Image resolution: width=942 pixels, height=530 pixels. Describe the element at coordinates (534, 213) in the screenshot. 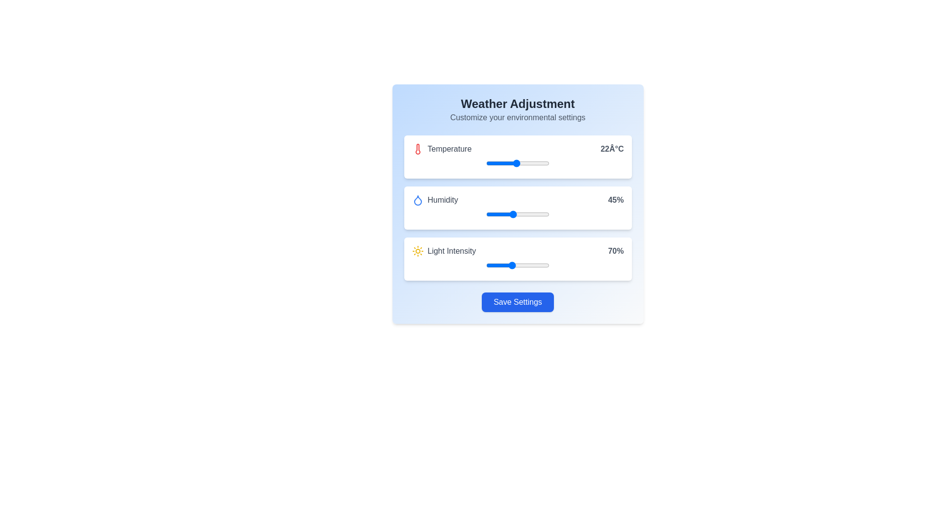

I see `the humidity` at that location.